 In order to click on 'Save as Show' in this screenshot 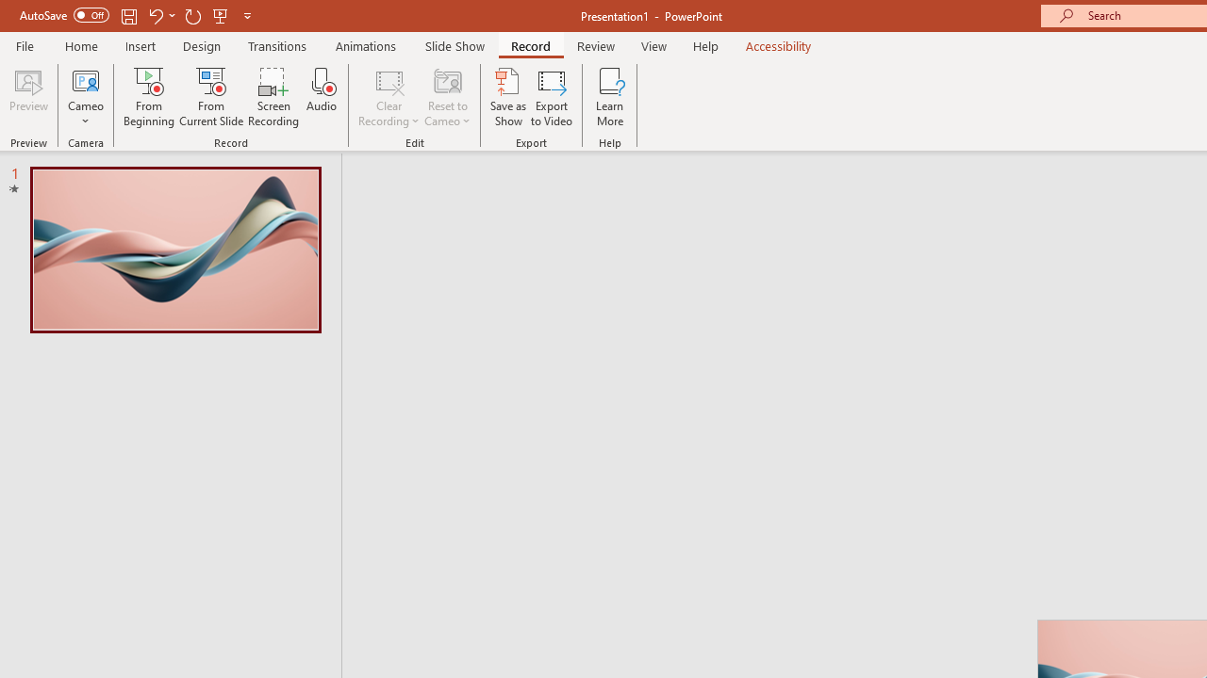, I will do `click(508, 97)`.